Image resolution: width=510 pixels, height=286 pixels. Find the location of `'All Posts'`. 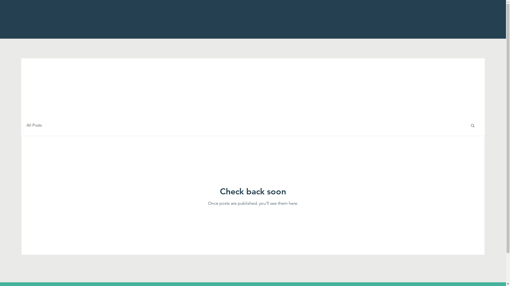

'All Posts' is located at coordinates (34, 125).